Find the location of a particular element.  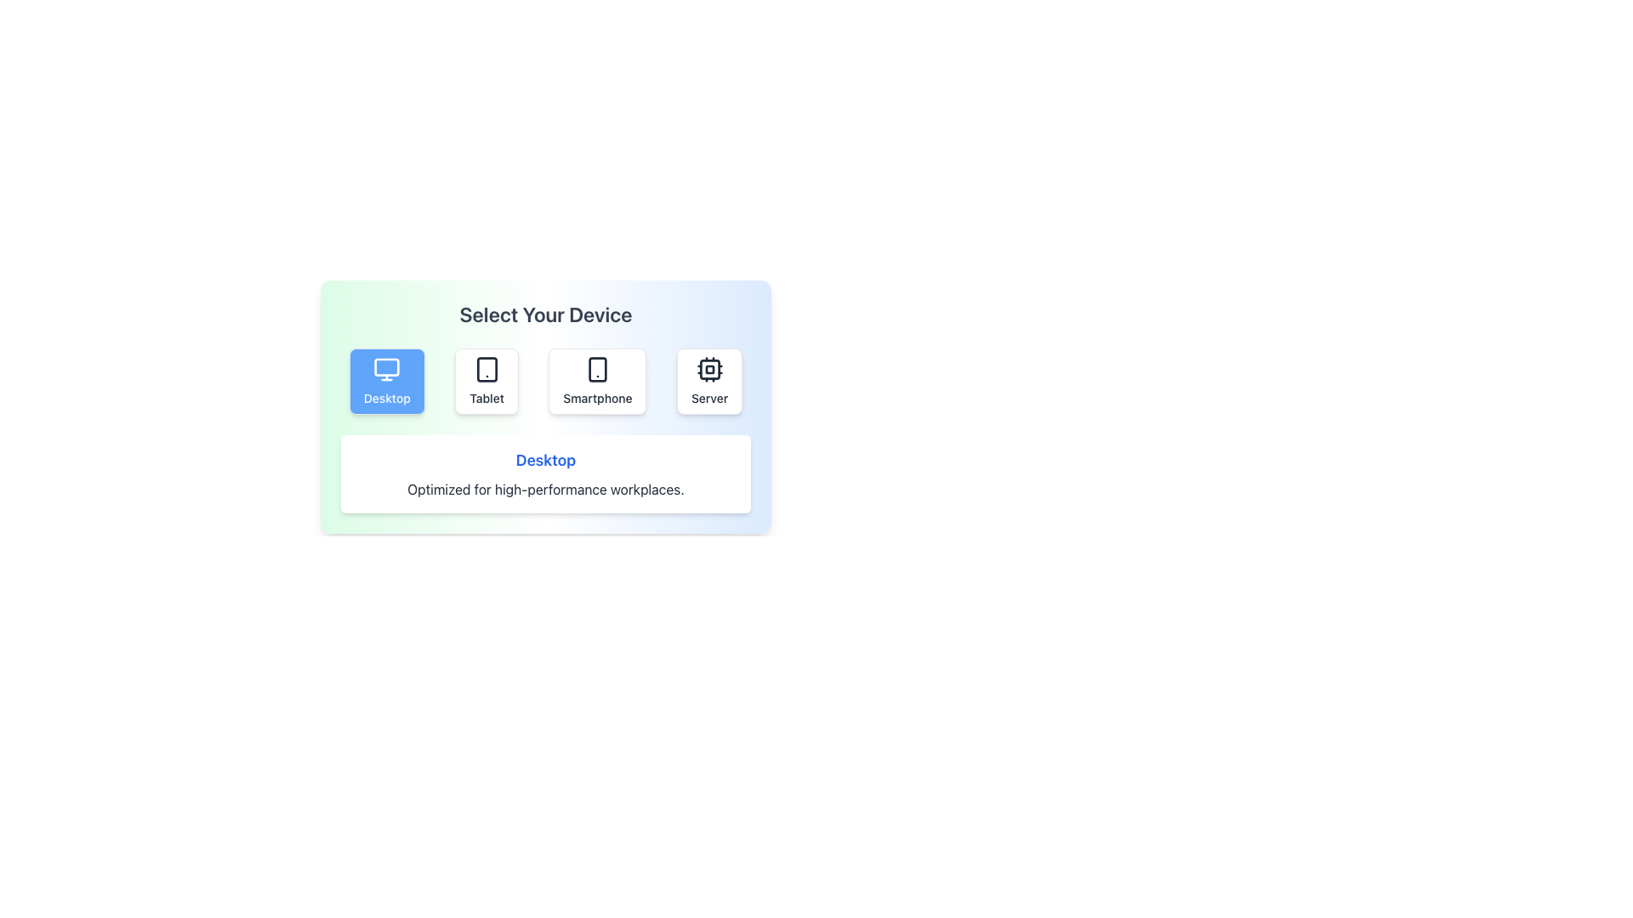

the computer monitor icon located in the top-left corner of the blue button labeled 'Desktop.' is located at coordinates (386, 369).